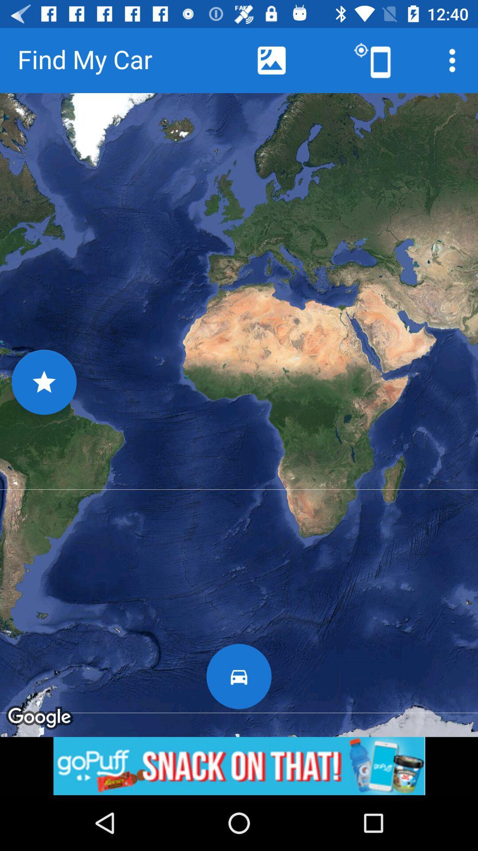 This screenshot has height=851, width=478. Describe the element at coordinates (44, 382) in the screenshot. I see `the star icon` at that location.